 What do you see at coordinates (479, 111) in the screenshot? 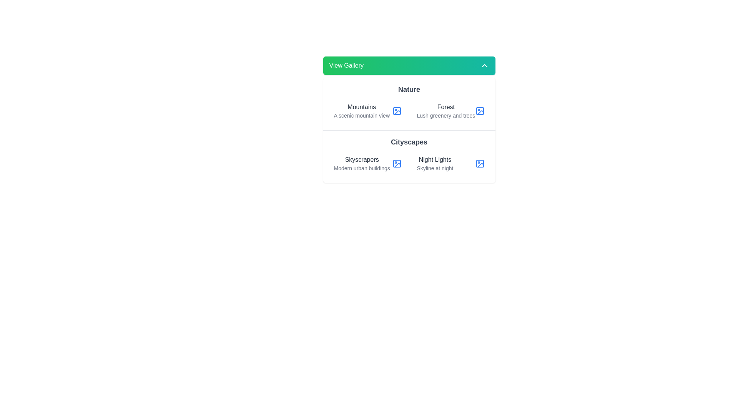
I see `the 'Forest' category icon located` at bounding box center [479, 111].